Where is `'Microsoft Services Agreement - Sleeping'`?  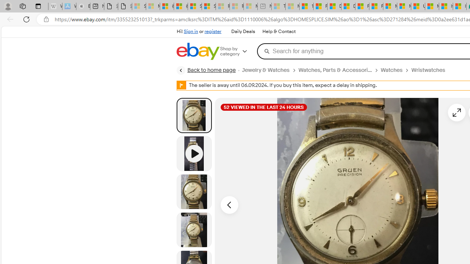 'Microsoft Services Agreement - Sleeping' is located at coordinates (152, 6).